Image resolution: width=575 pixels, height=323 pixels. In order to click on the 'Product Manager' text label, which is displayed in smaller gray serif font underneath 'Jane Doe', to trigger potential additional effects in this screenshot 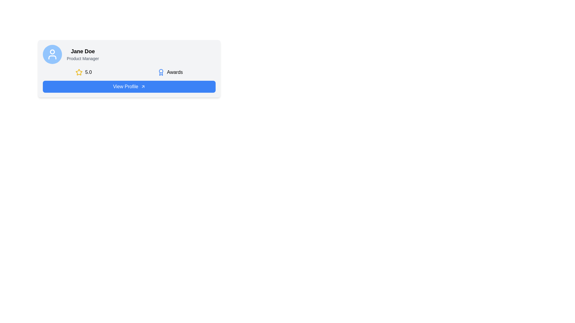, I will do `click(82, 59)`.